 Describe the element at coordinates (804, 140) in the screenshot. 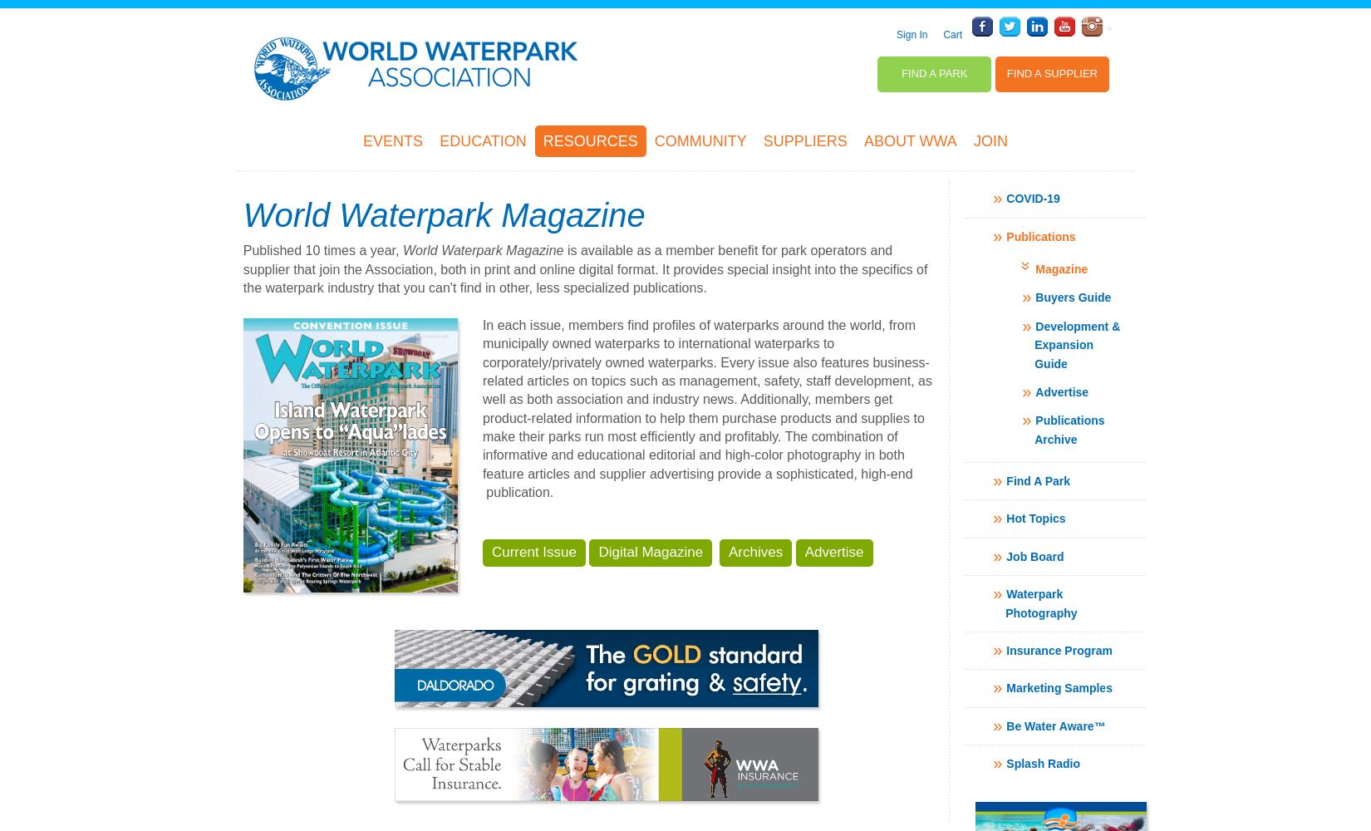

I see `'Suppliers'` at that location.